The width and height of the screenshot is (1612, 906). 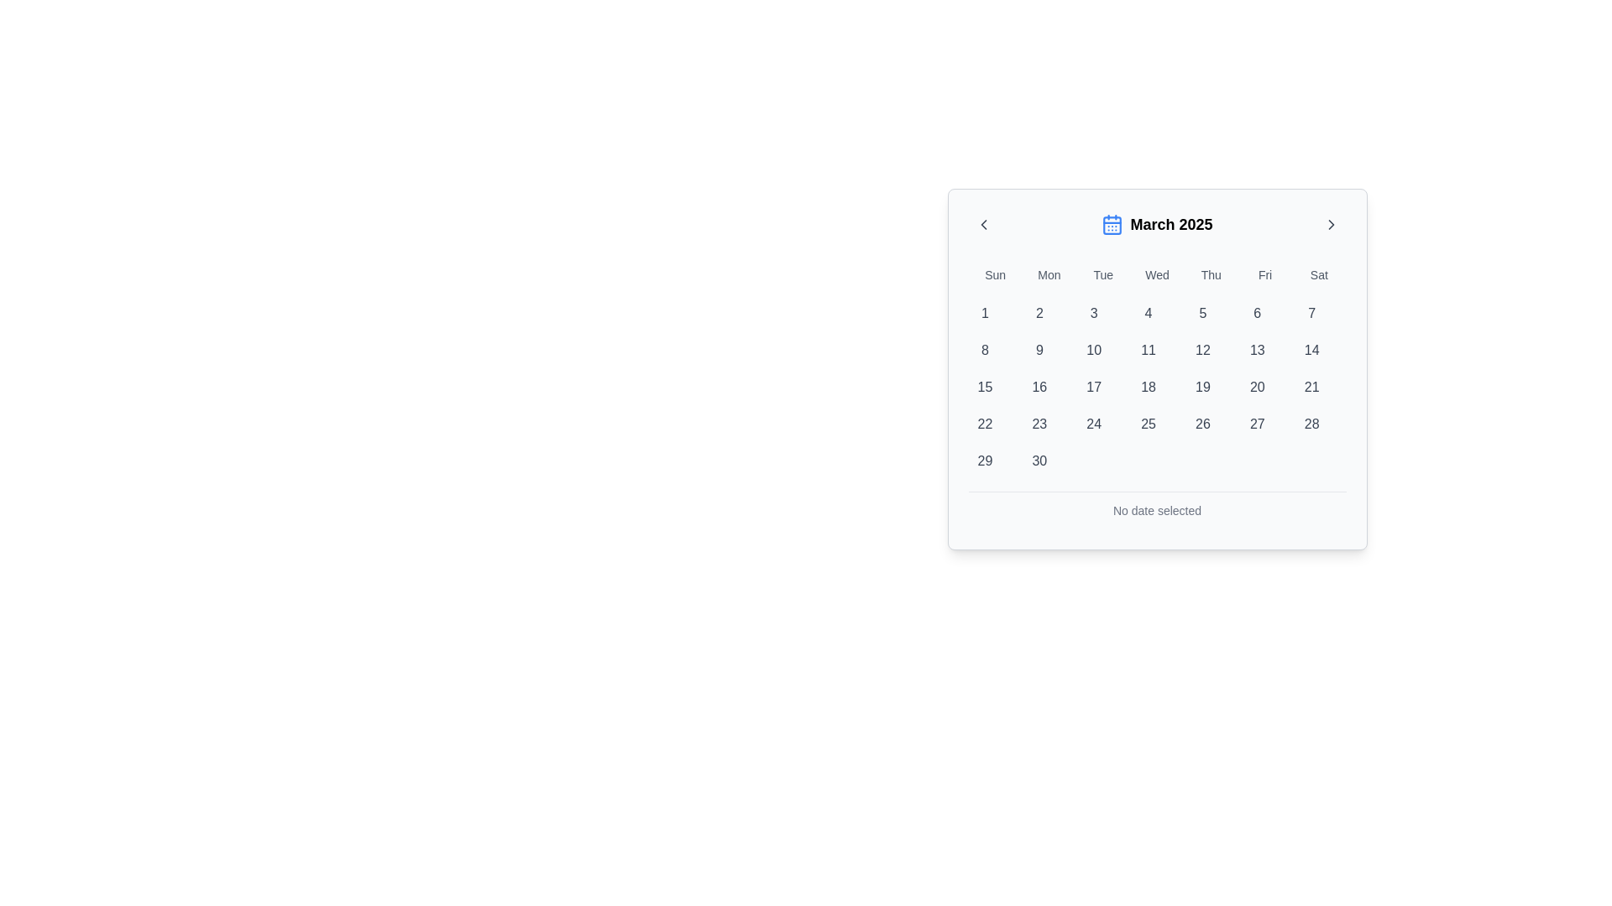 I want to click on the bold and large text segment displaying the date 'March 2025' in the header section of the calendar UI to potentially open a month selector if interactivity is supported, so click(x=1170, y=223).